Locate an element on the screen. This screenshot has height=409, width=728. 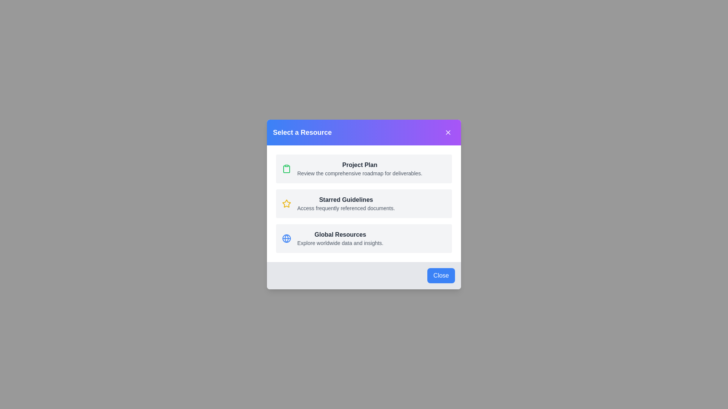
the 'Close' button in the footer of the dialog to close it is located at coordinates (441, 276).